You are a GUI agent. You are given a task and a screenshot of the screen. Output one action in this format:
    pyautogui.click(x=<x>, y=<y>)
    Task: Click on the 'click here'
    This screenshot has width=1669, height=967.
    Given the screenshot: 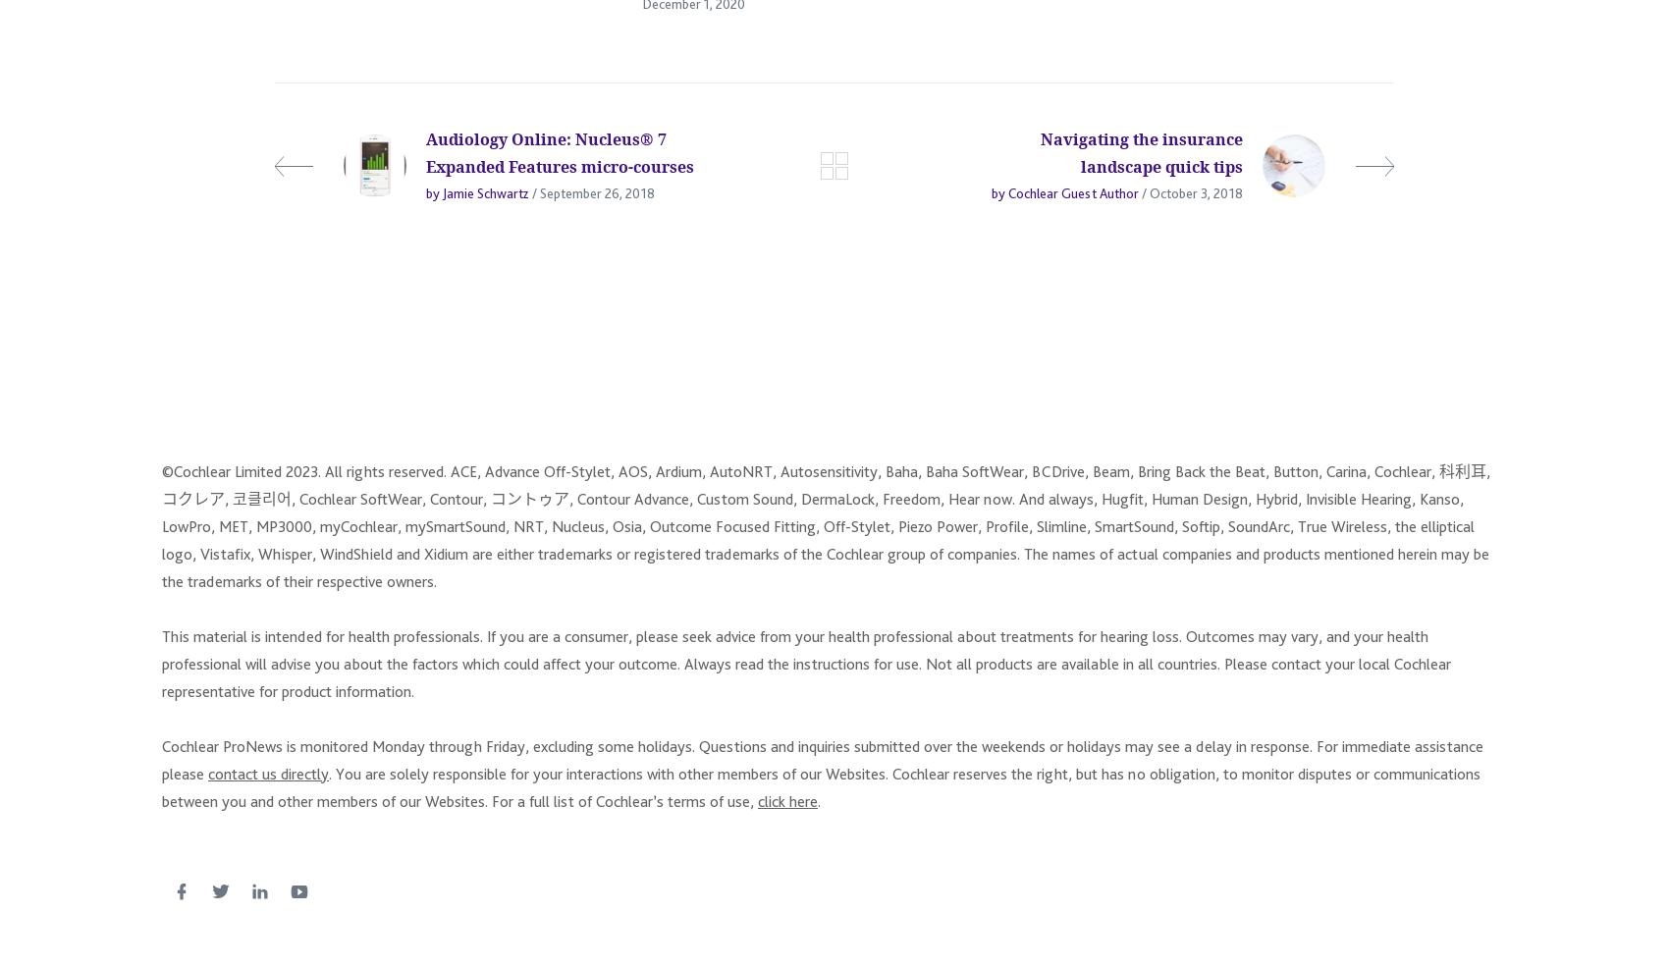 What is the action you would take?
    pyautogui.click(x=786, y=809)
    